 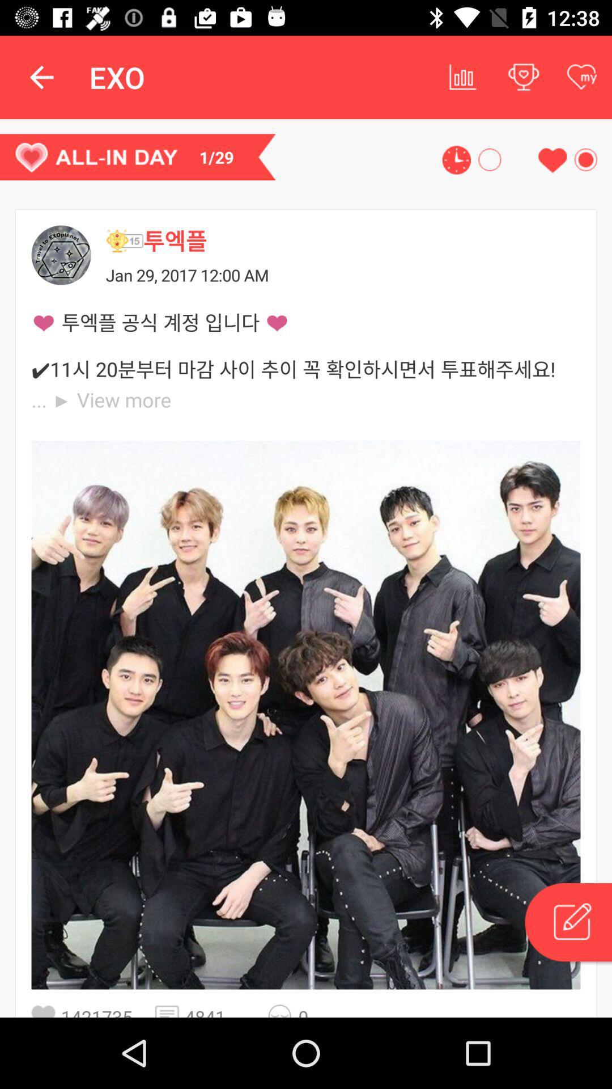 I want to click on the icon above jan 29 2017 icon, so click(x=362, y=240).